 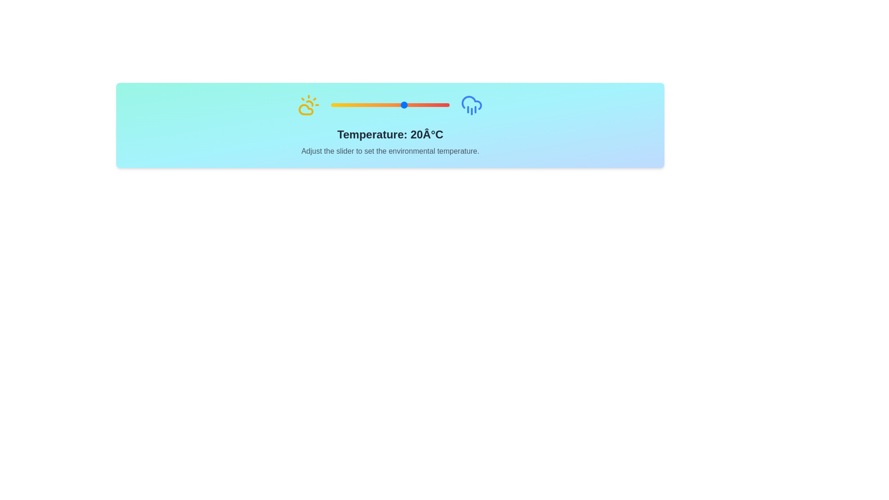 I want to click on the text 'Temperature: 20°C' to select it, so click(x=390, y=134).